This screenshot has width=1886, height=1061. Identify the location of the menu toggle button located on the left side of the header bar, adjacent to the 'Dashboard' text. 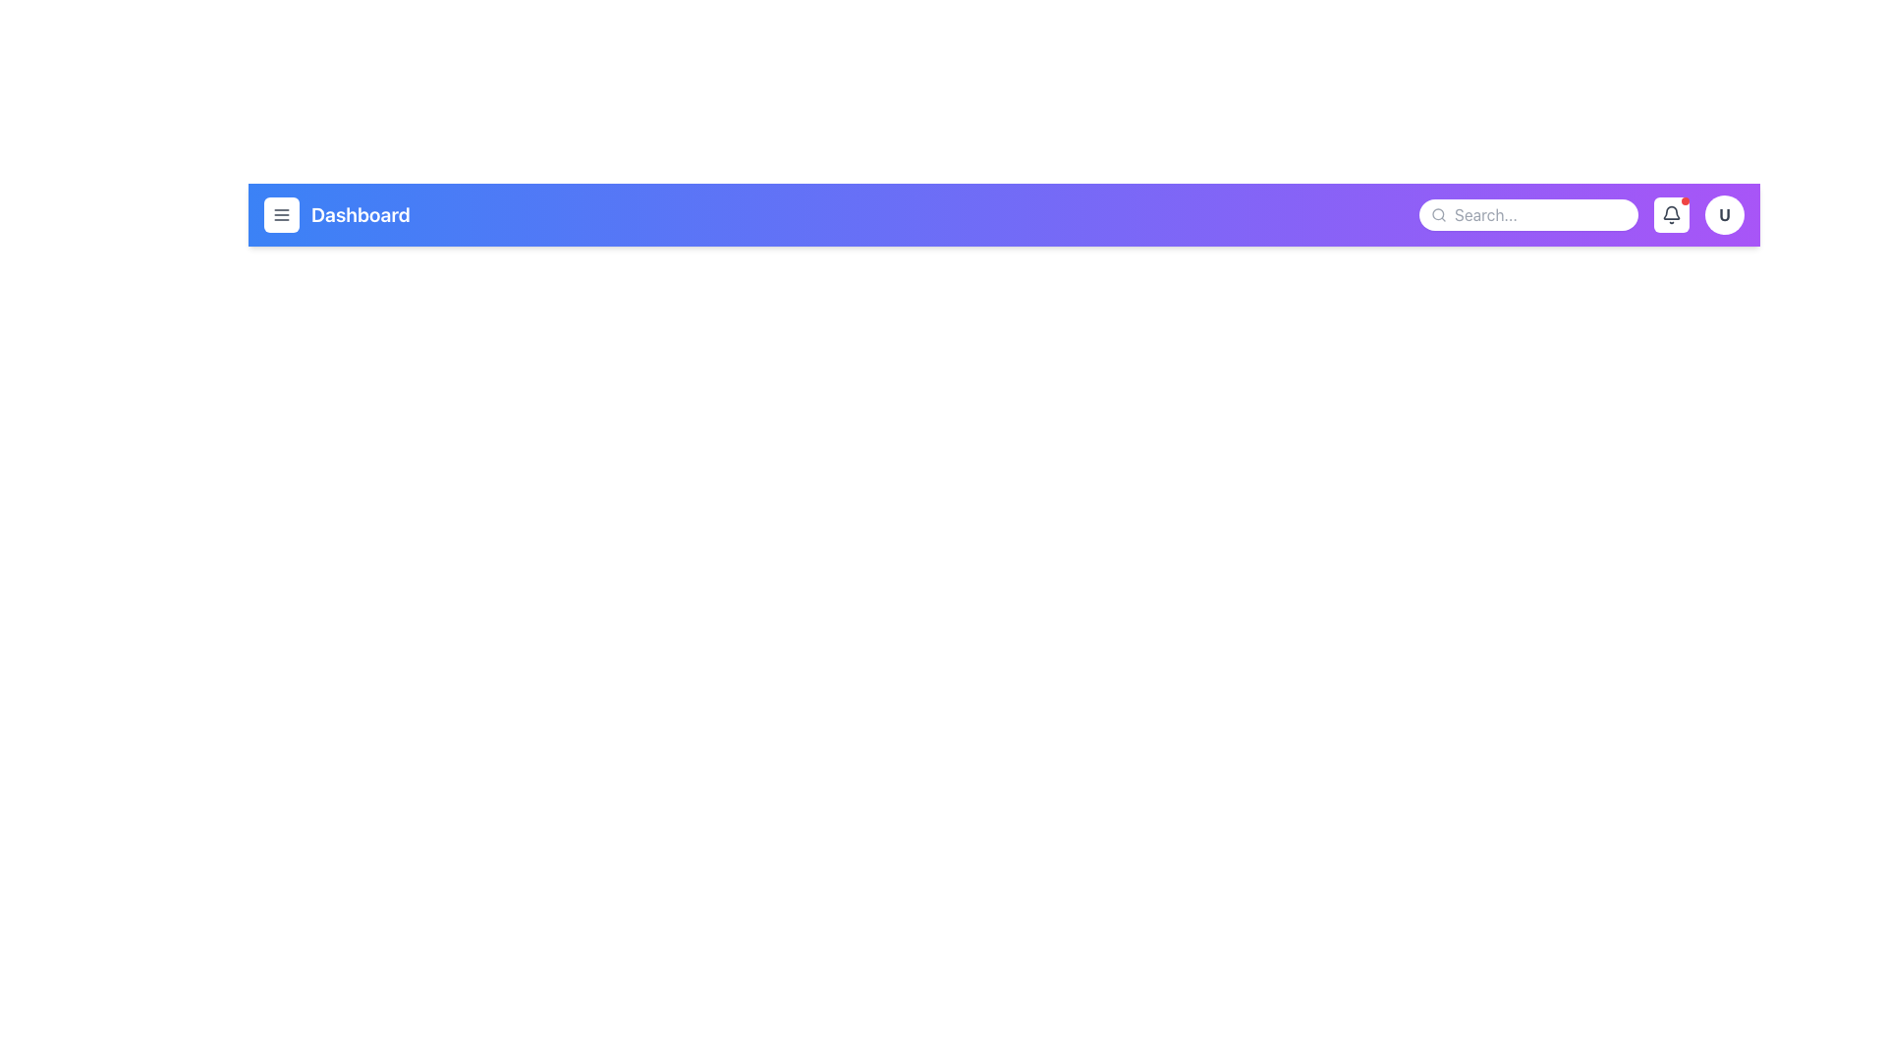
(281, 215).